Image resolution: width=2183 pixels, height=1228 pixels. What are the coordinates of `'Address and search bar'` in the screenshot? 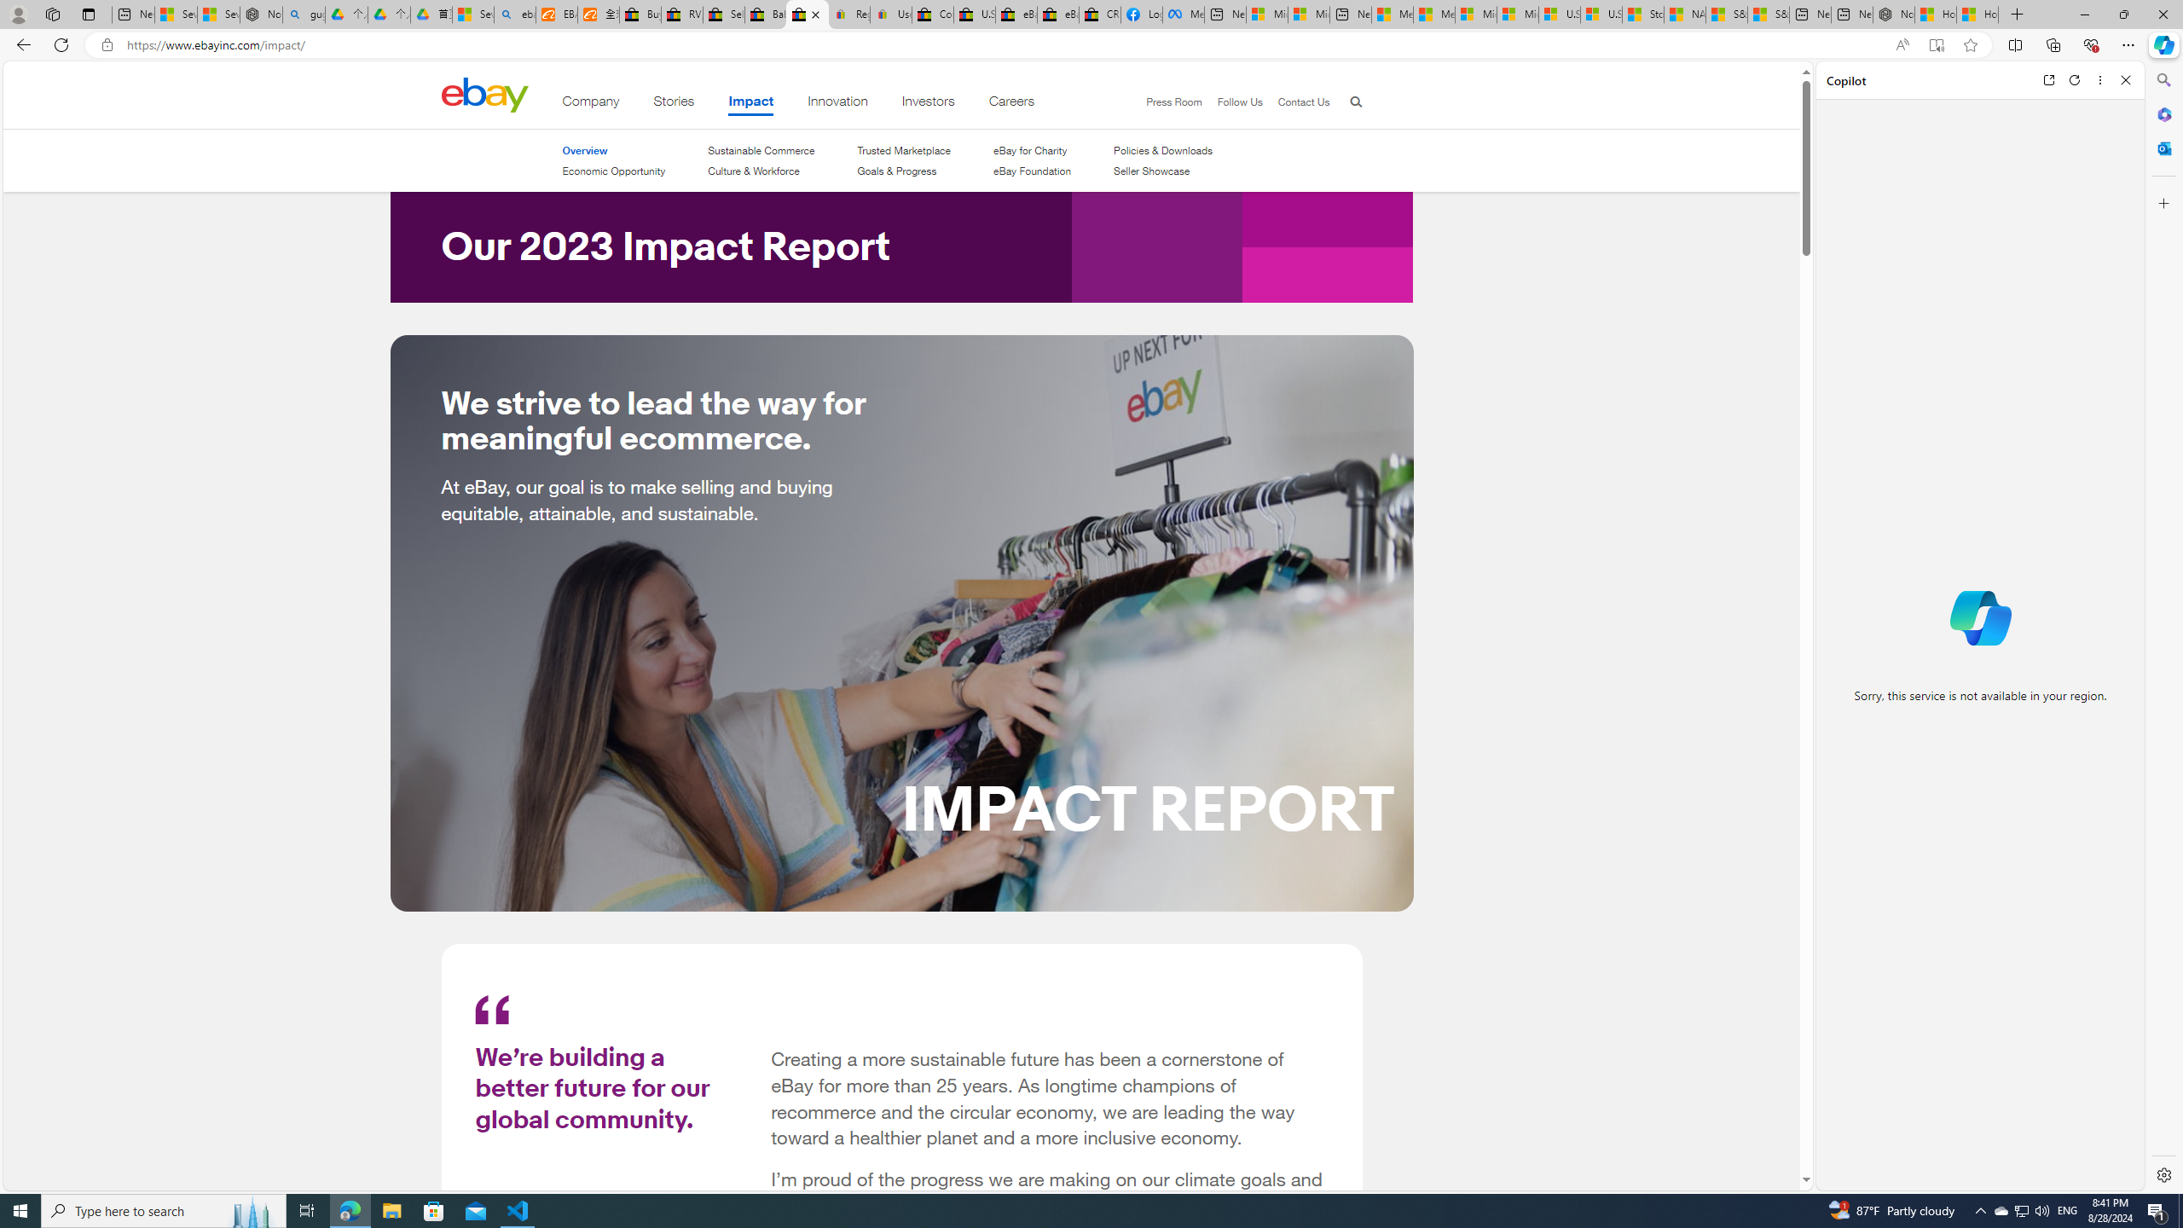 It's located at (1004, 45).